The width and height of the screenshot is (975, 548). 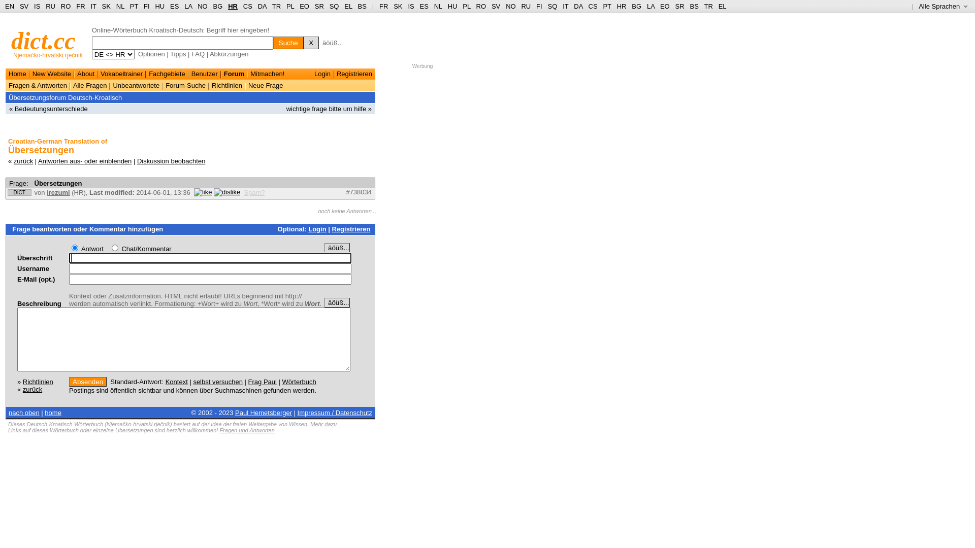 What do you see at coordinates (198, 54) in the screenshot?
I see `'FAQ'` at bounding box center [198, 54].